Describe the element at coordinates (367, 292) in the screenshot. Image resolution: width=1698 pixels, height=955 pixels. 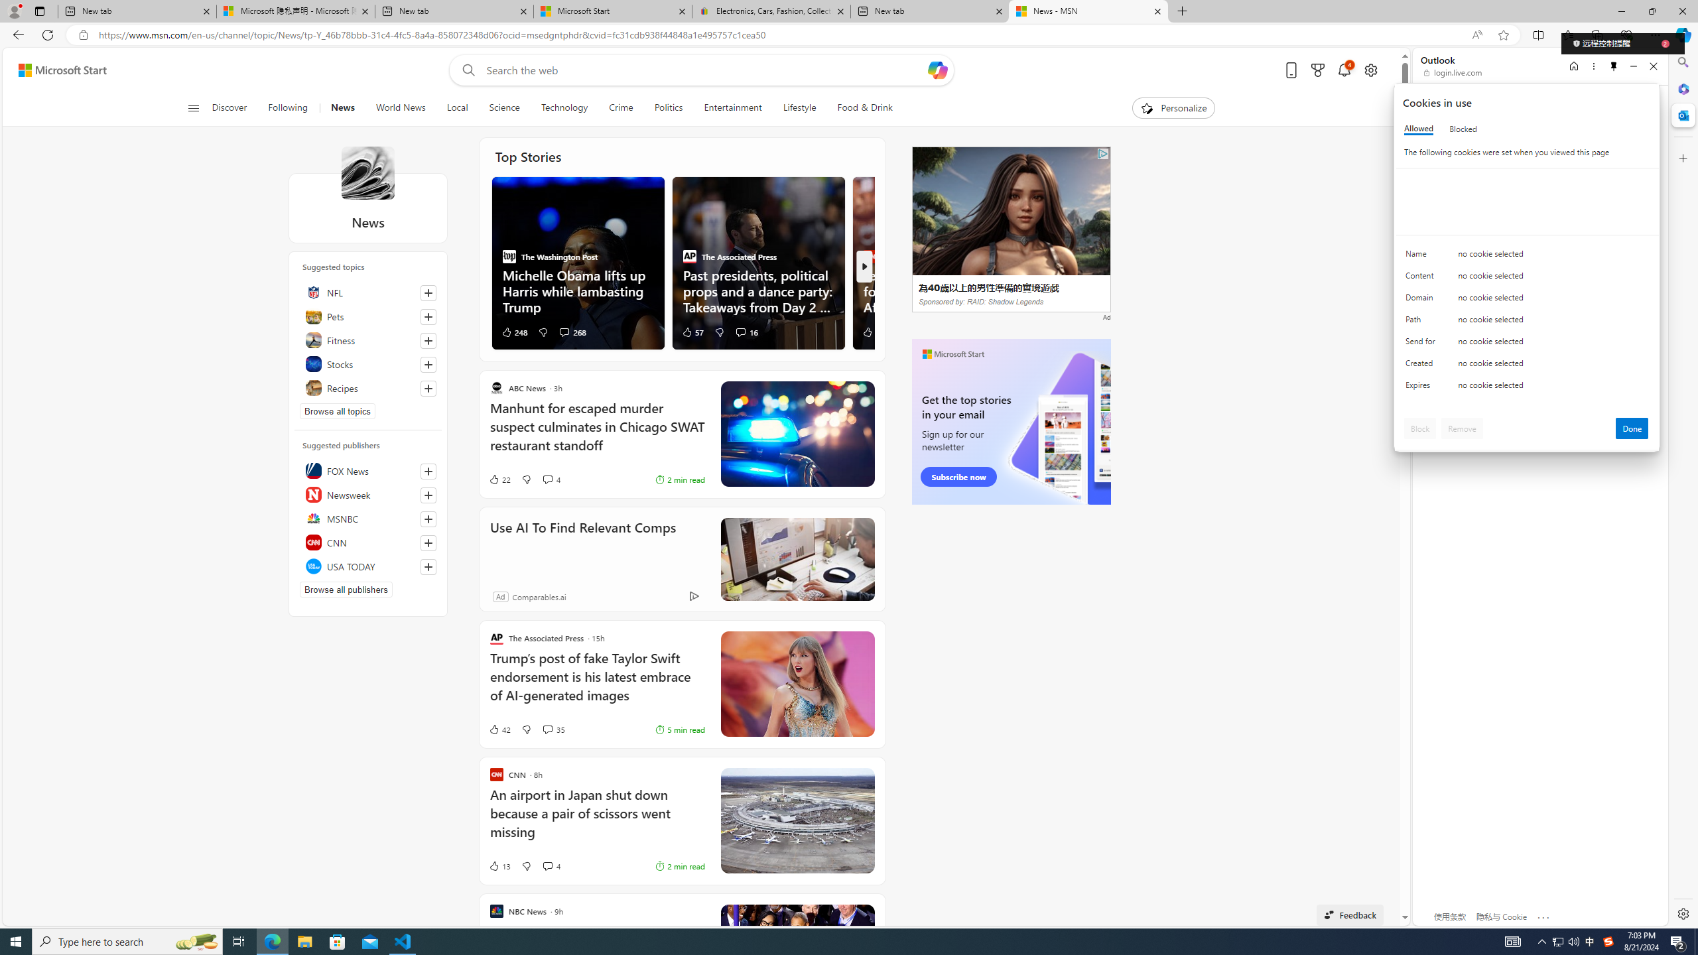
I see `'NFL'` at that location.